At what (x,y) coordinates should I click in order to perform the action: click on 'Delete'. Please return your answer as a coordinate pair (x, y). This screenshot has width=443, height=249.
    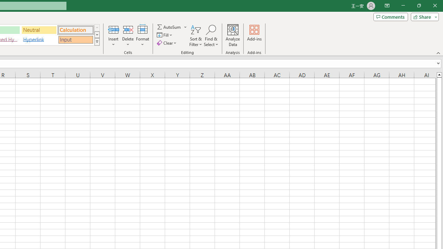
    Looking at the image, I should click on (128, 36).